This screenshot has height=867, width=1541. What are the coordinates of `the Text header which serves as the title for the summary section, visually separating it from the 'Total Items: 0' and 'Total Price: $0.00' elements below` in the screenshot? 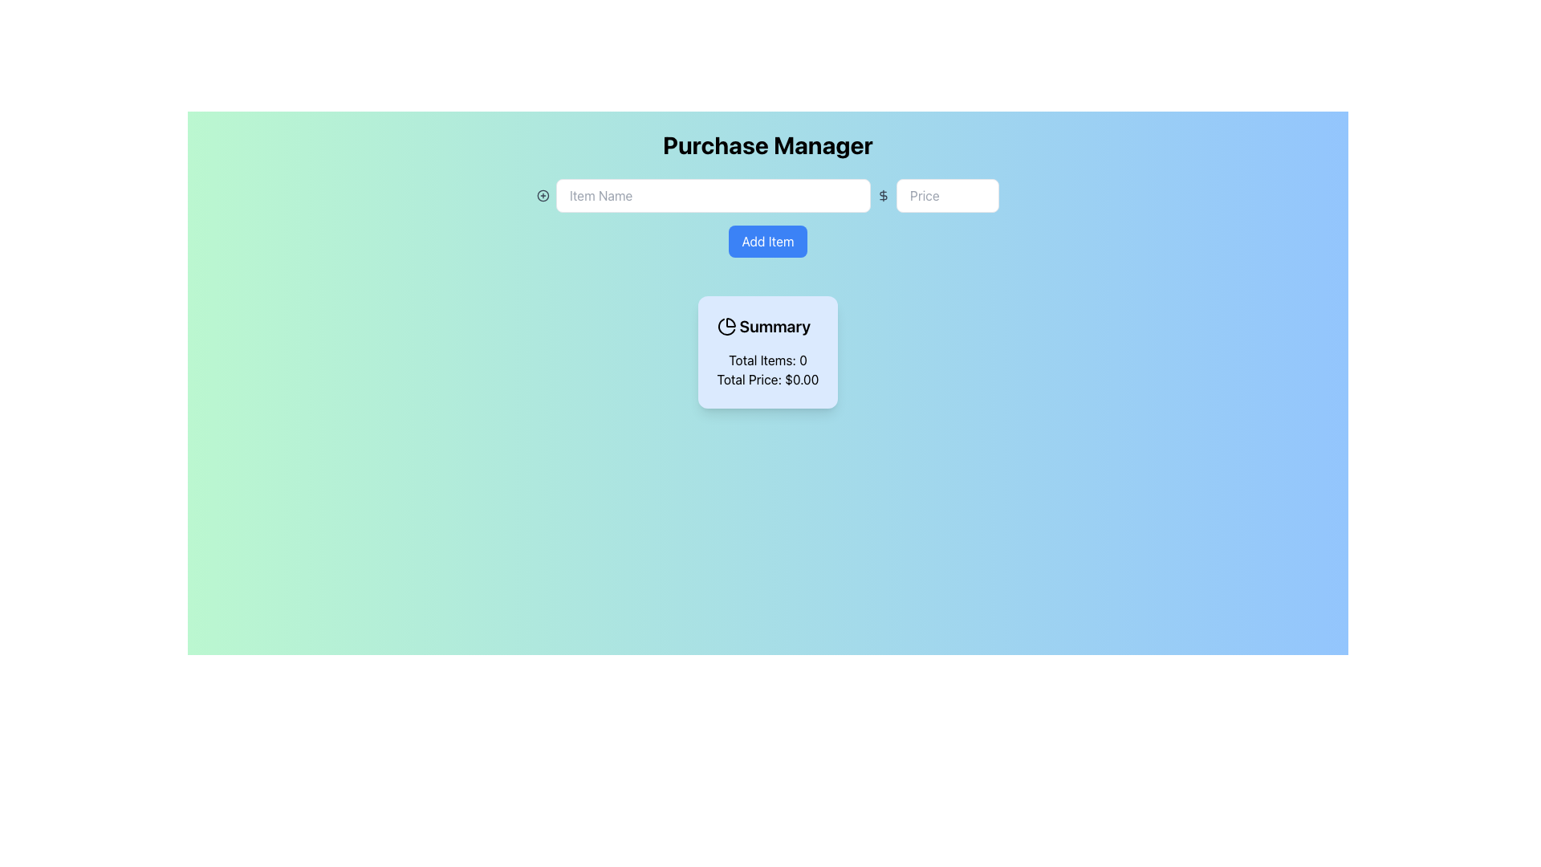 It's located at (766, 326).